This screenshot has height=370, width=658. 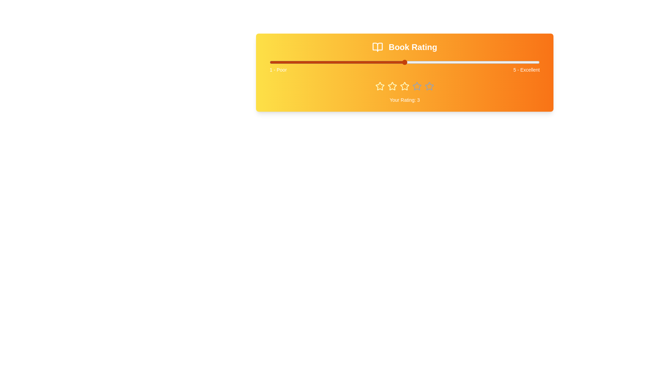 What do you see at coordinates (377, 47) in the screenshot?
I see `the open book icon located to the left of the 'Book Rating' text within the orange gradient box` at bounding box center [377, 47].